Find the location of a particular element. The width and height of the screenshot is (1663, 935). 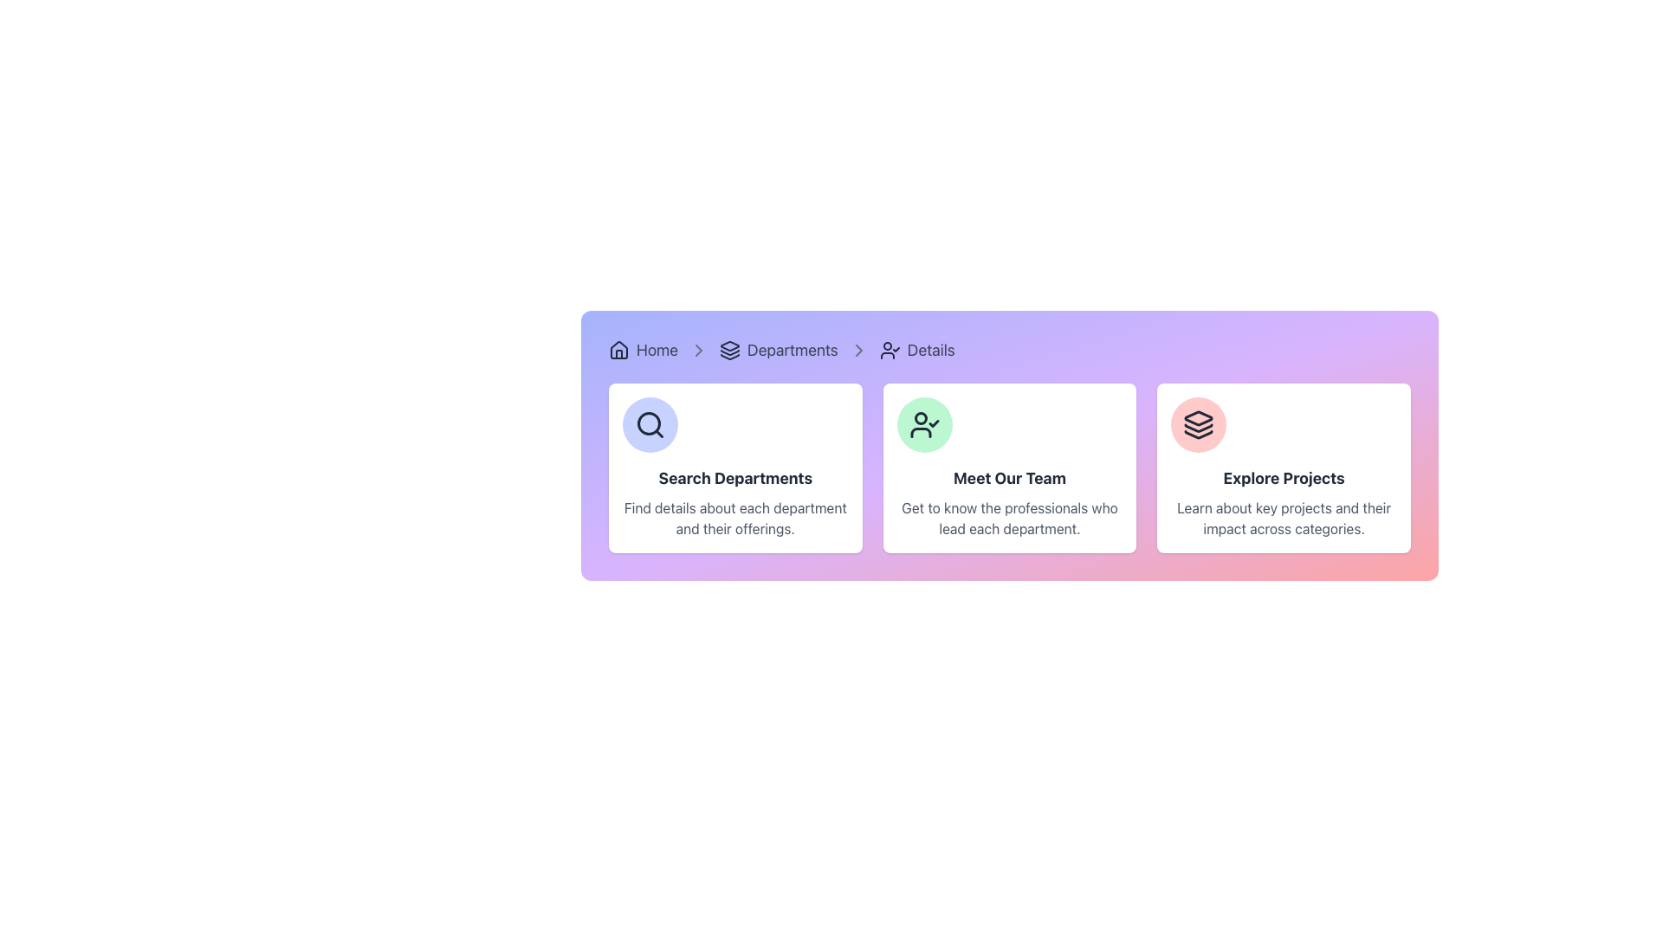

the triangular icon representing the 'Departments' section in the navigation breadcrumb is located at coordinates (730, 346).